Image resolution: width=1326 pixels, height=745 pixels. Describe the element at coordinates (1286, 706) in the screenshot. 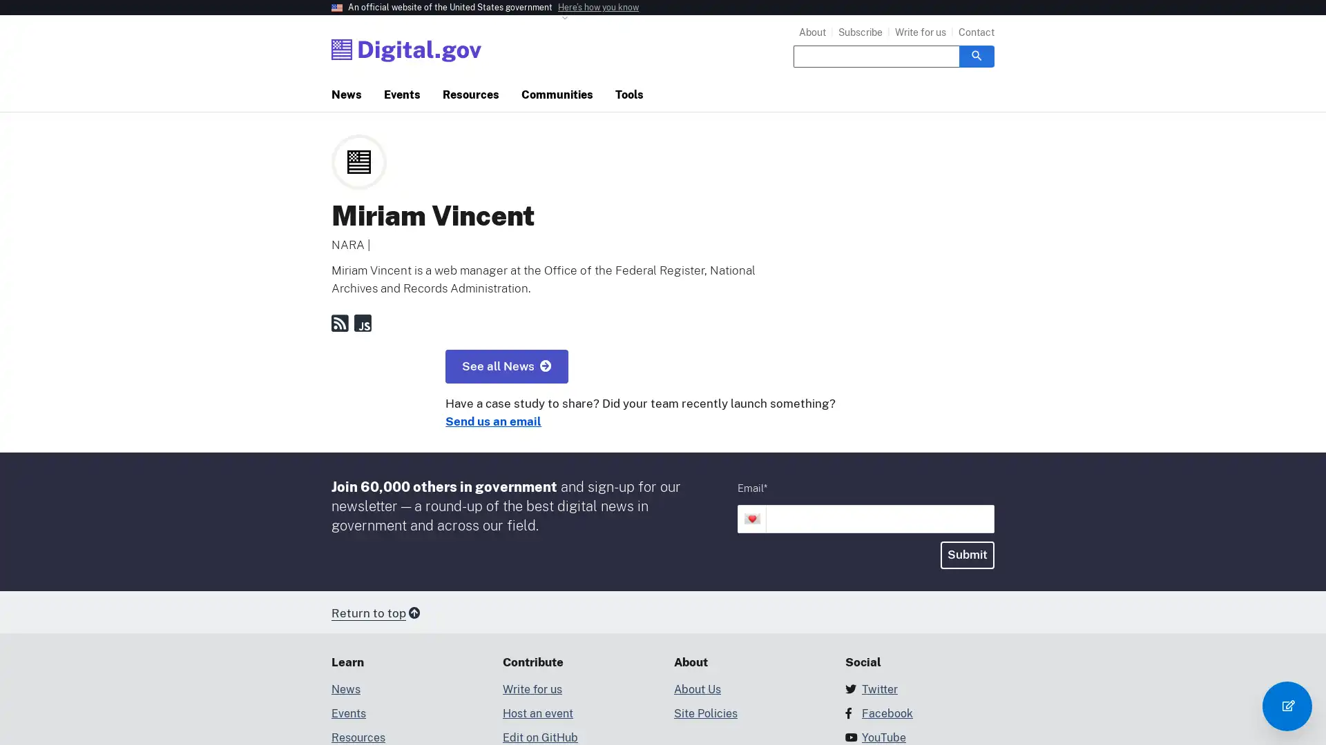

I see `edit` at that location.